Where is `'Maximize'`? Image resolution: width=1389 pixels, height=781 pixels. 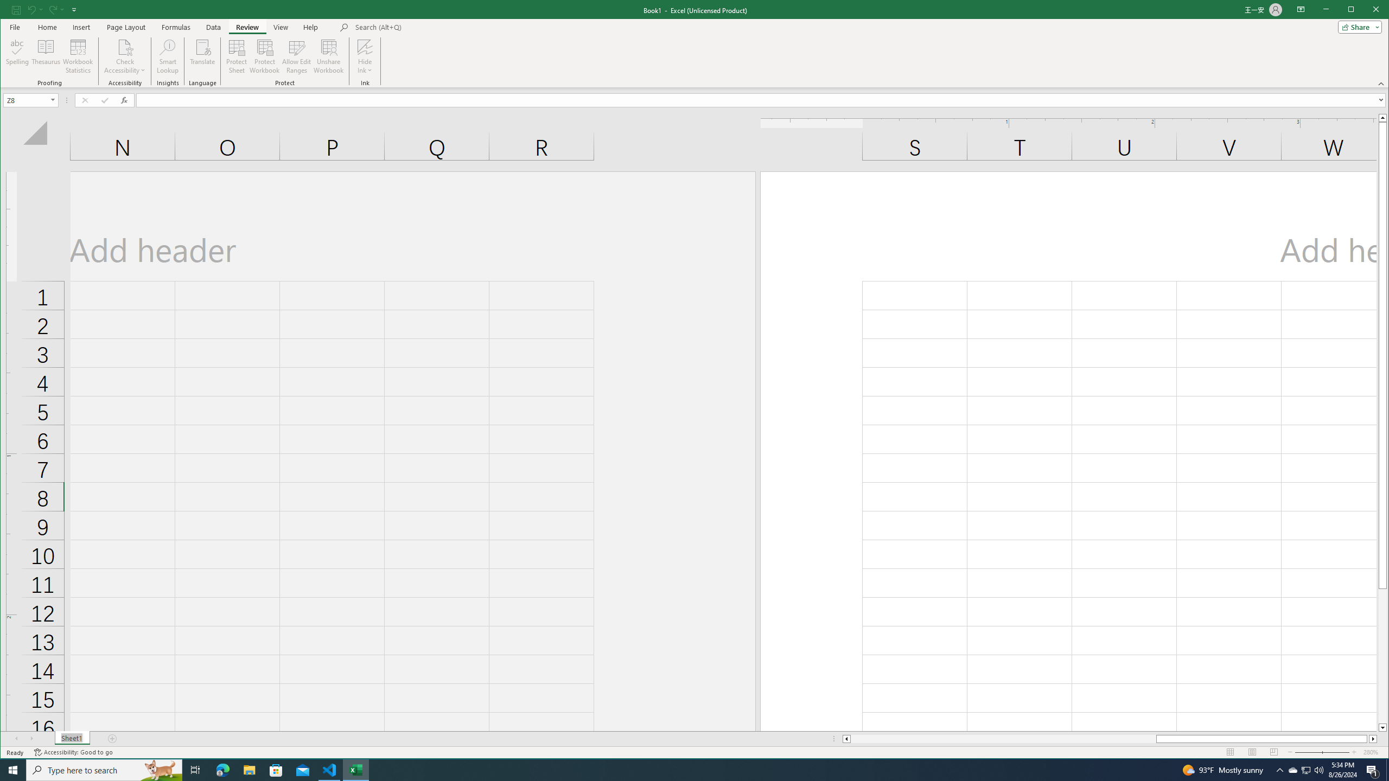
'Maximize' is located at coordinates (1367, 10).